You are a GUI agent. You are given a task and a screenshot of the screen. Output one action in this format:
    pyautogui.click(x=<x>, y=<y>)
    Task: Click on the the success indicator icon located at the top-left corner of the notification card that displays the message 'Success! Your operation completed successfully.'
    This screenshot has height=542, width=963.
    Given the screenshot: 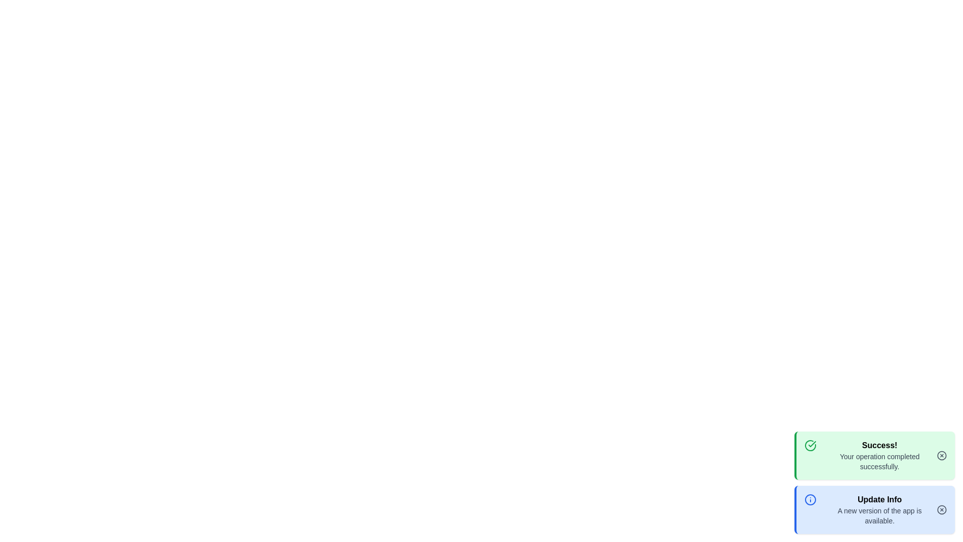 What is the action you would take?
    pyautogui.click(x=811, y=455)
    